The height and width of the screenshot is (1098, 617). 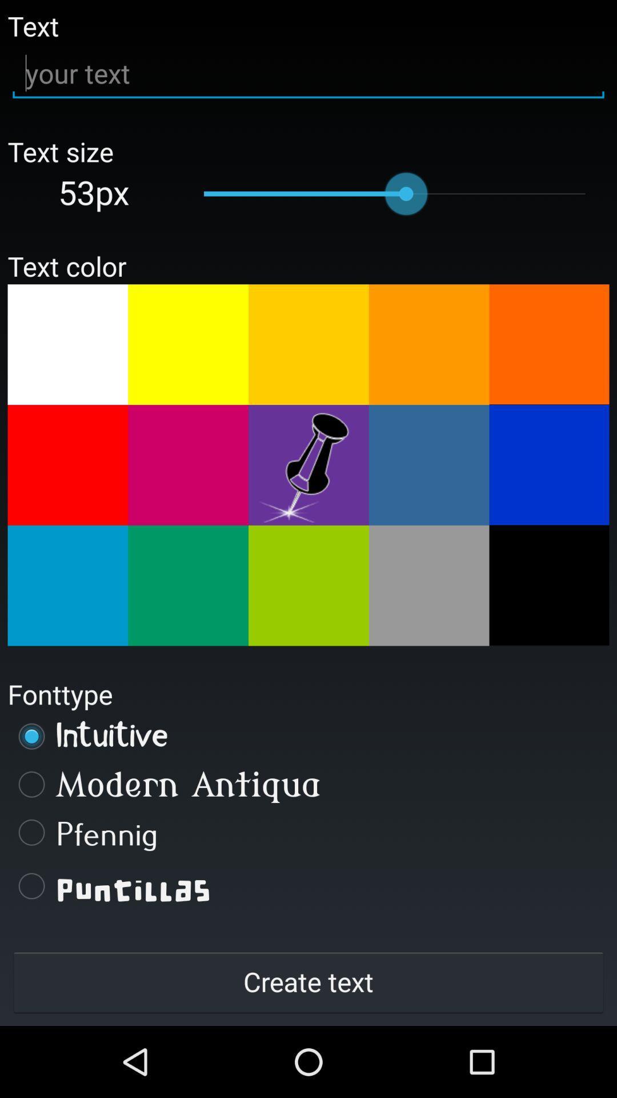 I want to click on the intuitive, so click(x=308, y=736).